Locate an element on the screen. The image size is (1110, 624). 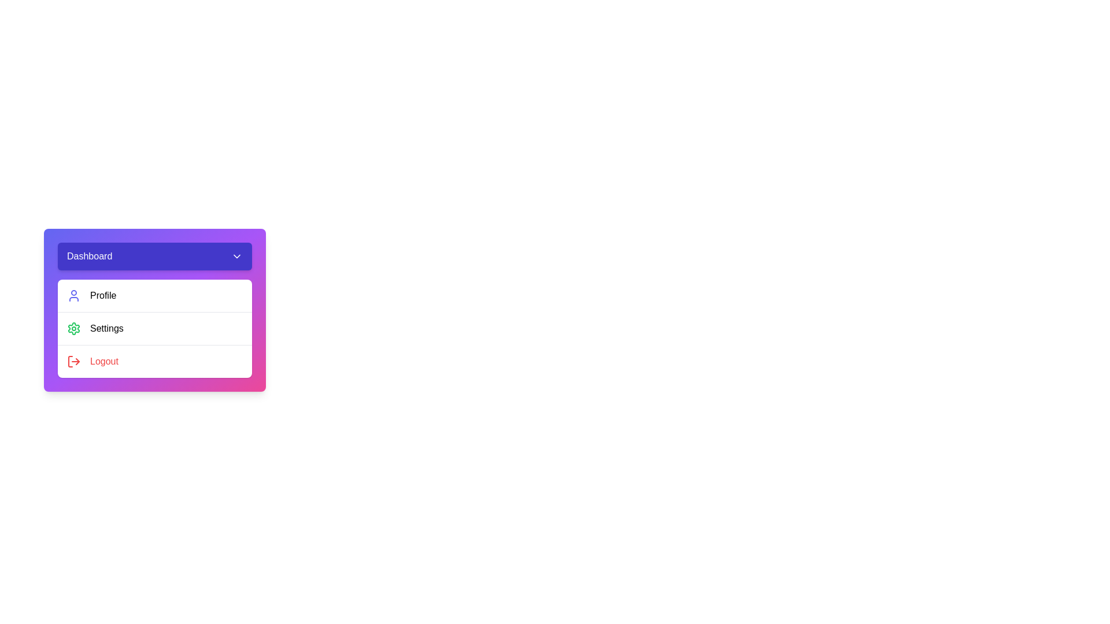
the 'Logout' option in the menu is located at coordinates (154, 361).